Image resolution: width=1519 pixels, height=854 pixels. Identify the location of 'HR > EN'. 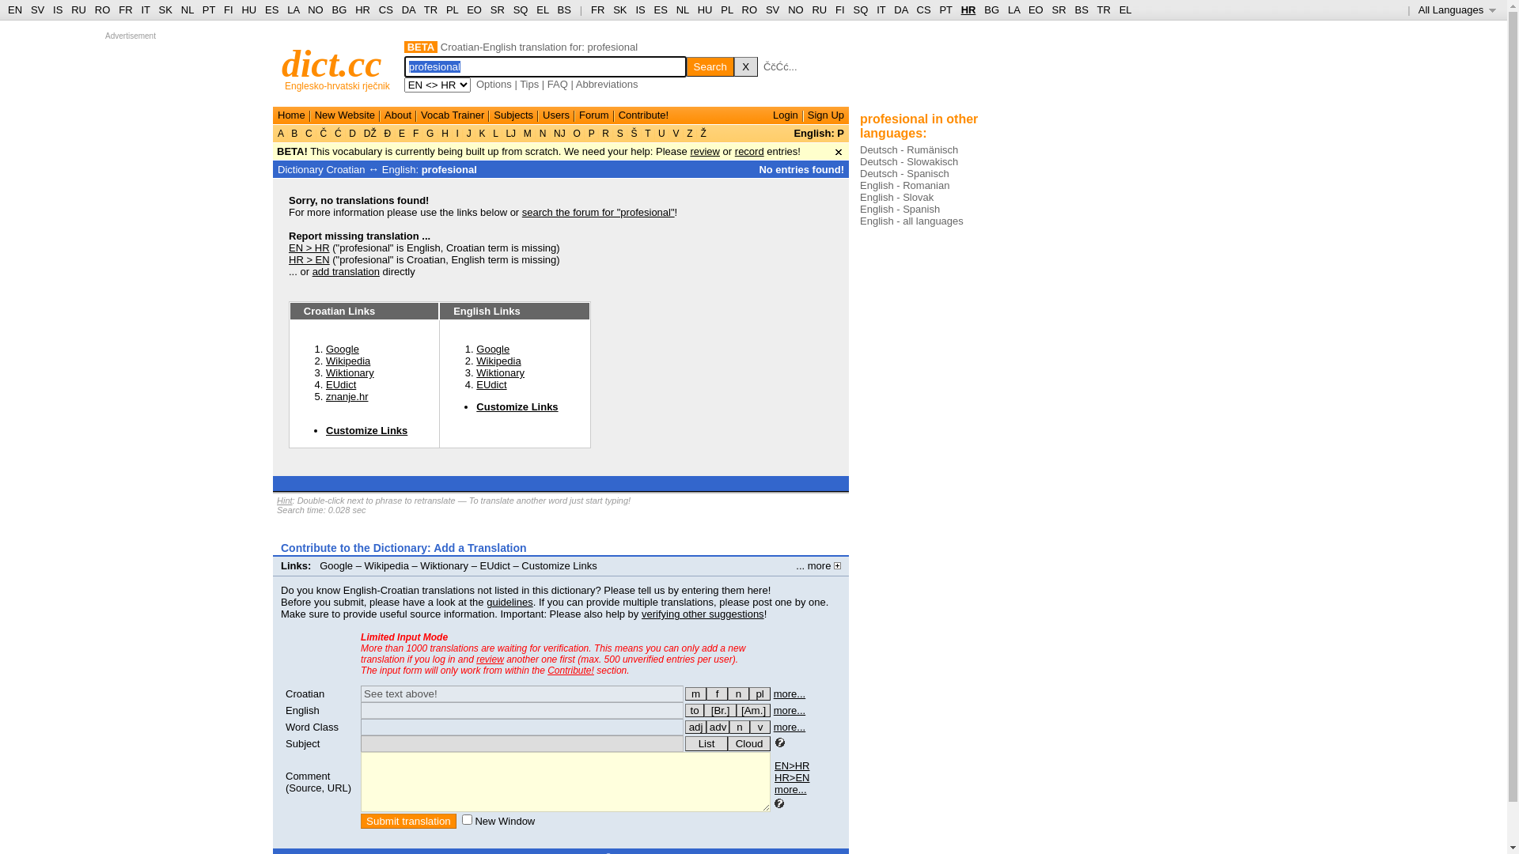
(309, 259).